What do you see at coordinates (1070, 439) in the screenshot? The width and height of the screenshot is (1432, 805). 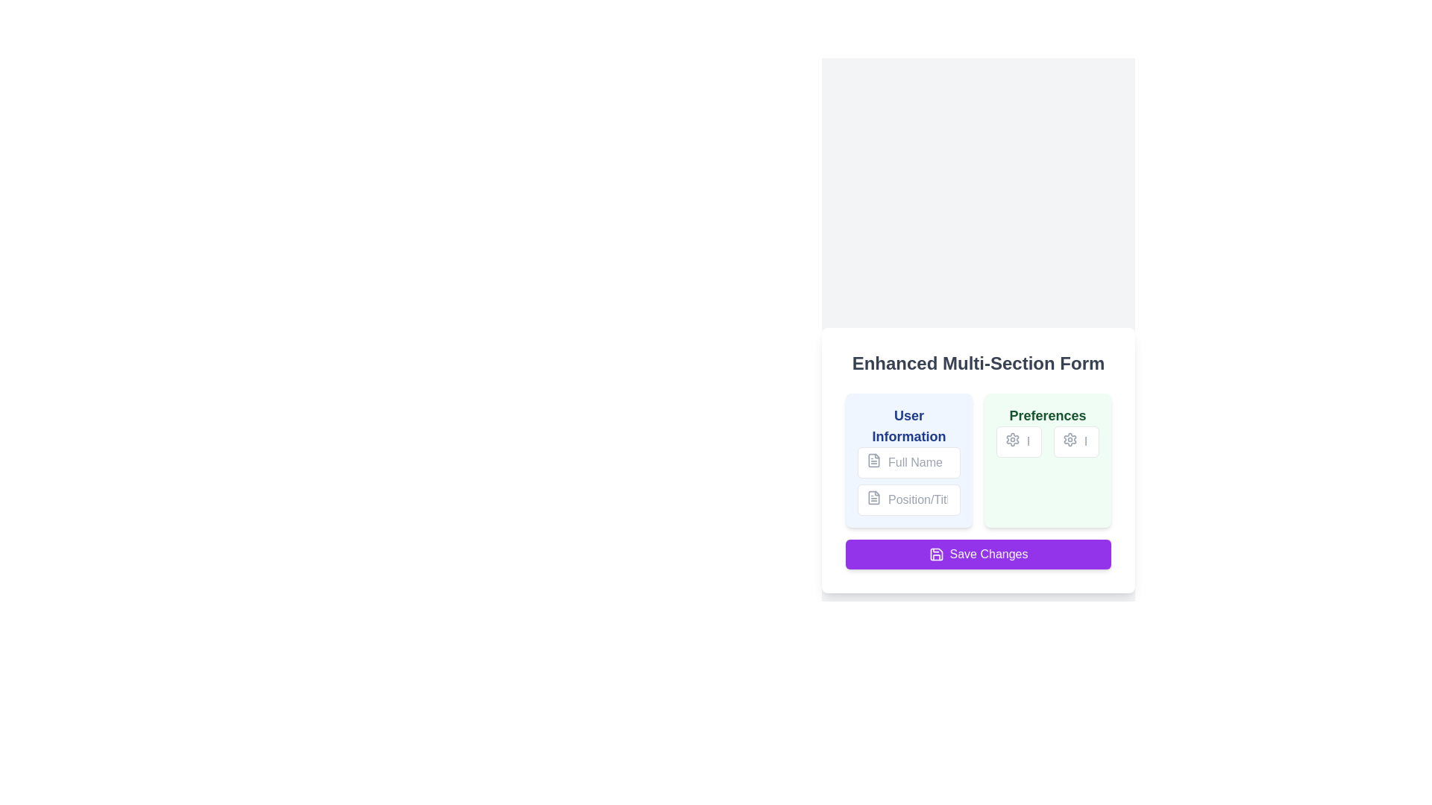 I see `the Settings icon located in the Preferences section beneath the Enhanced Multi-Section Form header` at bounding box center [1070, 439].